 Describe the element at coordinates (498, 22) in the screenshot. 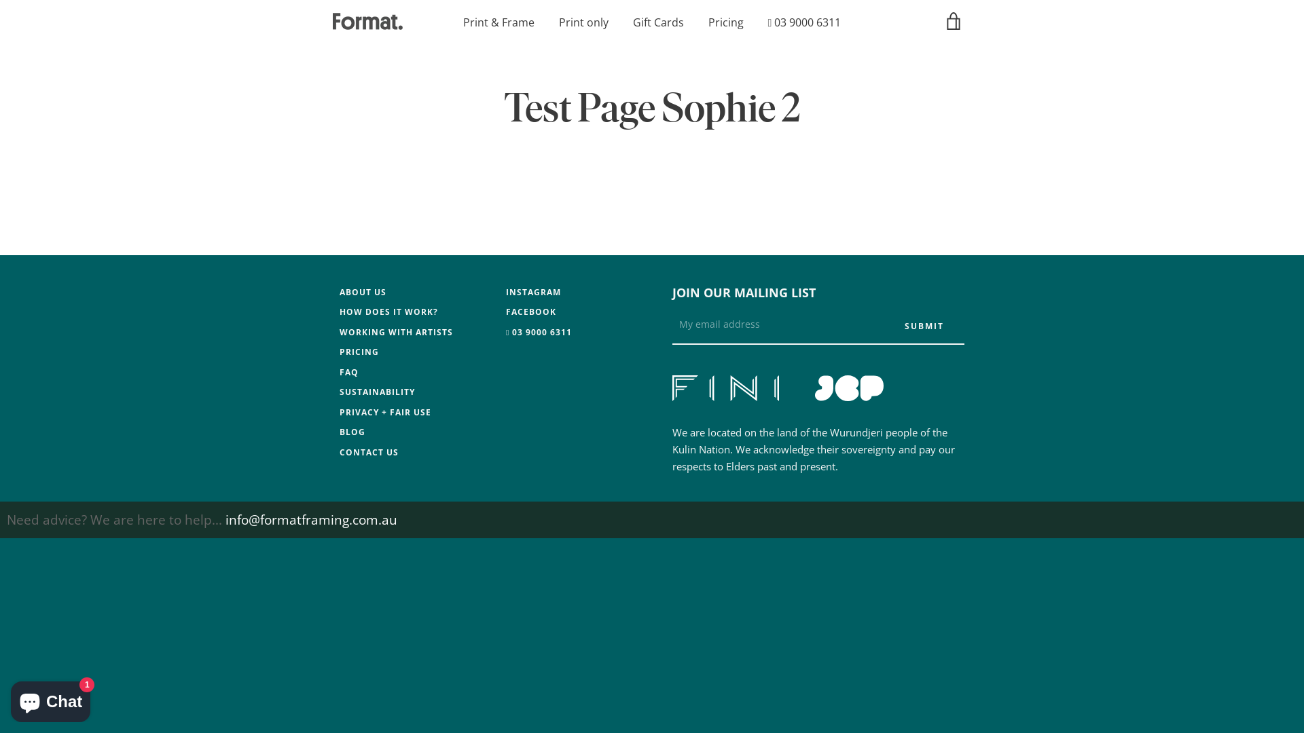

I see `'Print & Frame'` at that location.